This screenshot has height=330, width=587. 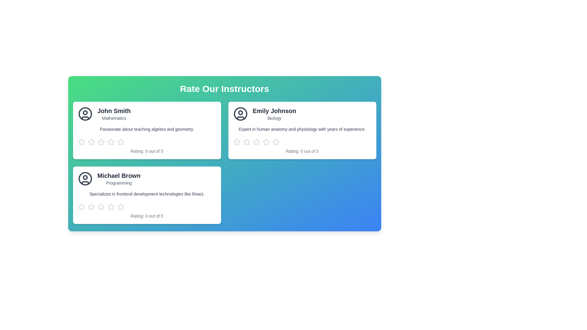 I want to click on the inactive light gray five-pointed star icon button, which is the fifth star in a horizontal series of five stars below the 'John Smith' card, so click(x=120, y=142).